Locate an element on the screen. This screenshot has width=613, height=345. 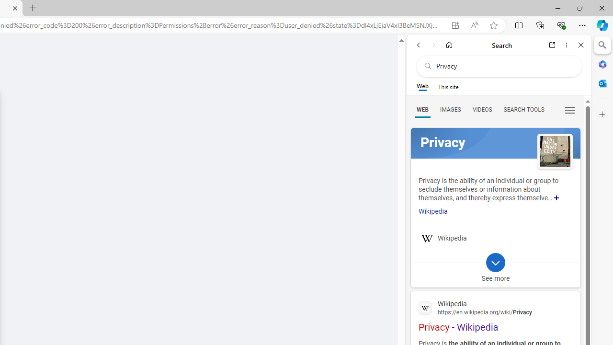
'WEB  ' is located at coordinates (422, 109).